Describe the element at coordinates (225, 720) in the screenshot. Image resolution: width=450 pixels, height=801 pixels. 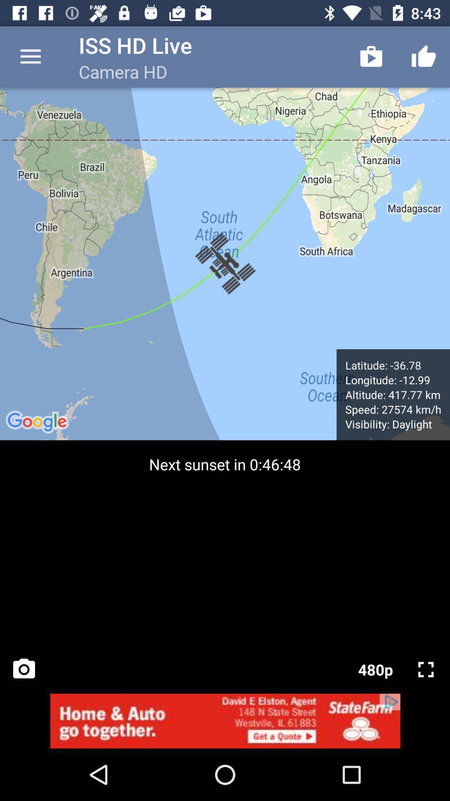
I see `the add` at that location.